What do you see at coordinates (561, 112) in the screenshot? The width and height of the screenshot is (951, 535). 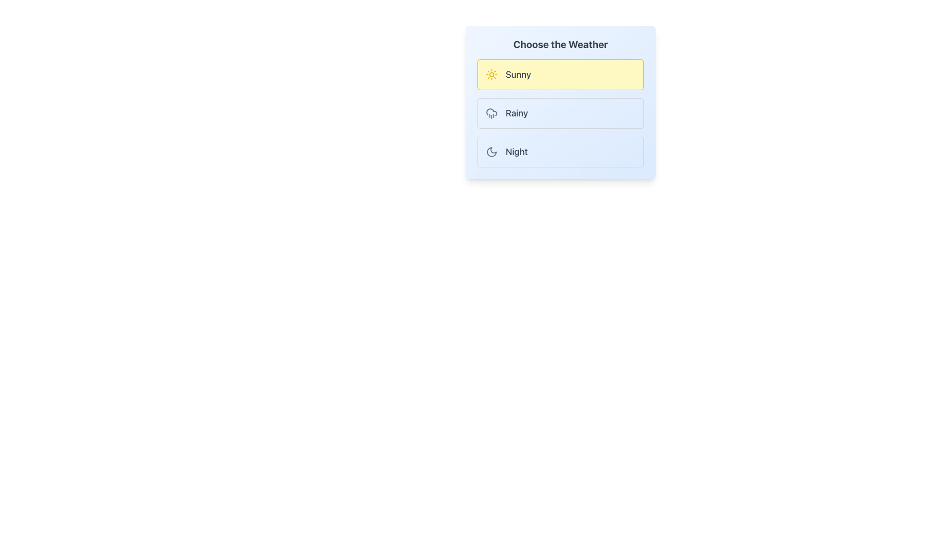 I see `the 'Rainy' selectable field to indicate the selection of the rainy weather option, which is the second option in the list of weather conditions` at bounding box center [561, 112].